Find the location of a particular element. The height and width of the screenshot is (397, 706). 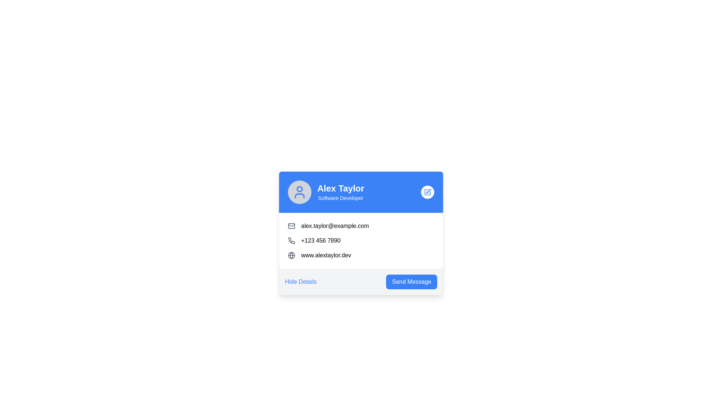

the edit button located at the top-right corner inside the blue header section of the card is located at coordinates (427, 192).